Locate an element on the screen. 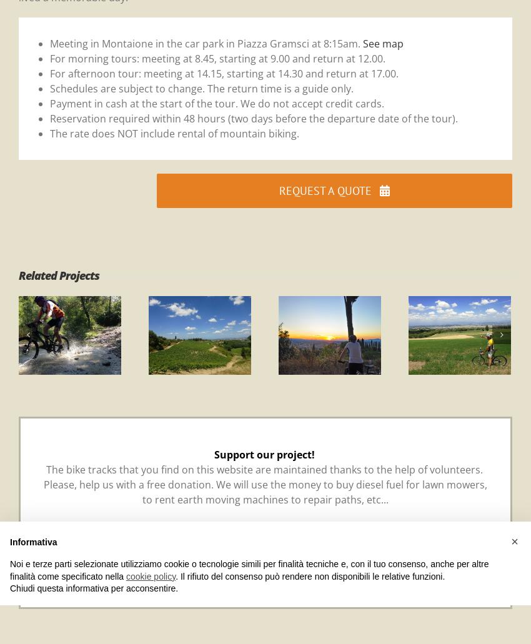  'Payment in cash at the start of the tour. We do not accept credit cards.' is located at coordinates (216, 102).